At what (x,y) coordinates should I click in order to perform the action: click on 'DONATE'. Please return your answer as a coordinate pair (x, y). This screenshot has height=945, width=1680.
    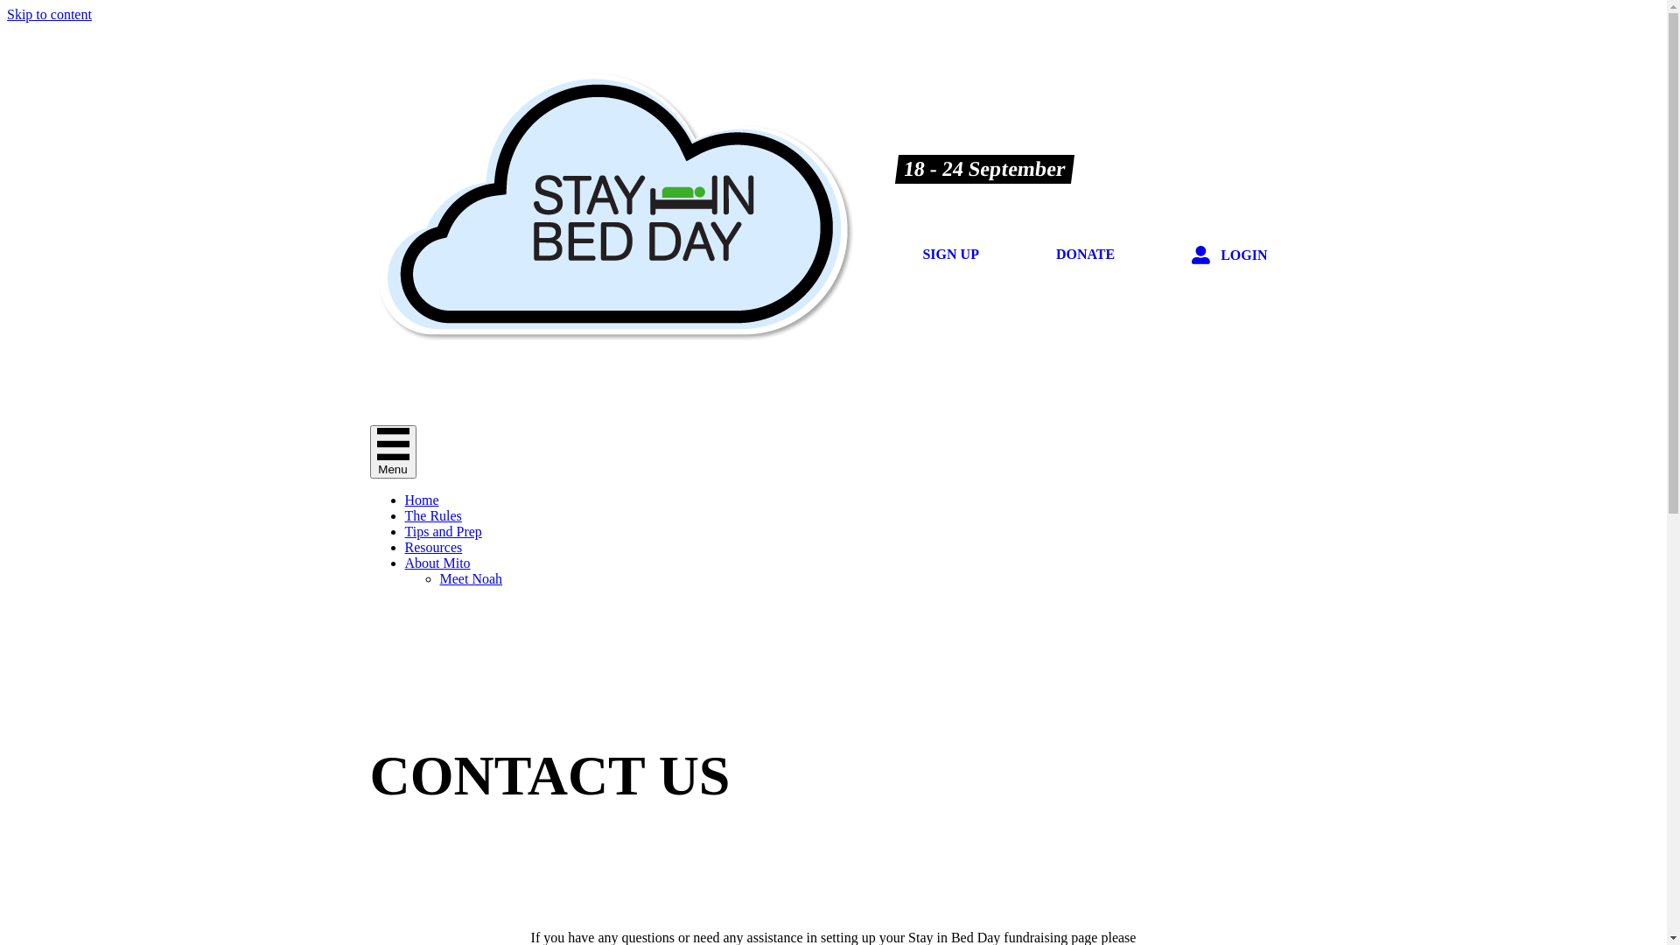
    Looking at the image, I should click on (1084, 254).